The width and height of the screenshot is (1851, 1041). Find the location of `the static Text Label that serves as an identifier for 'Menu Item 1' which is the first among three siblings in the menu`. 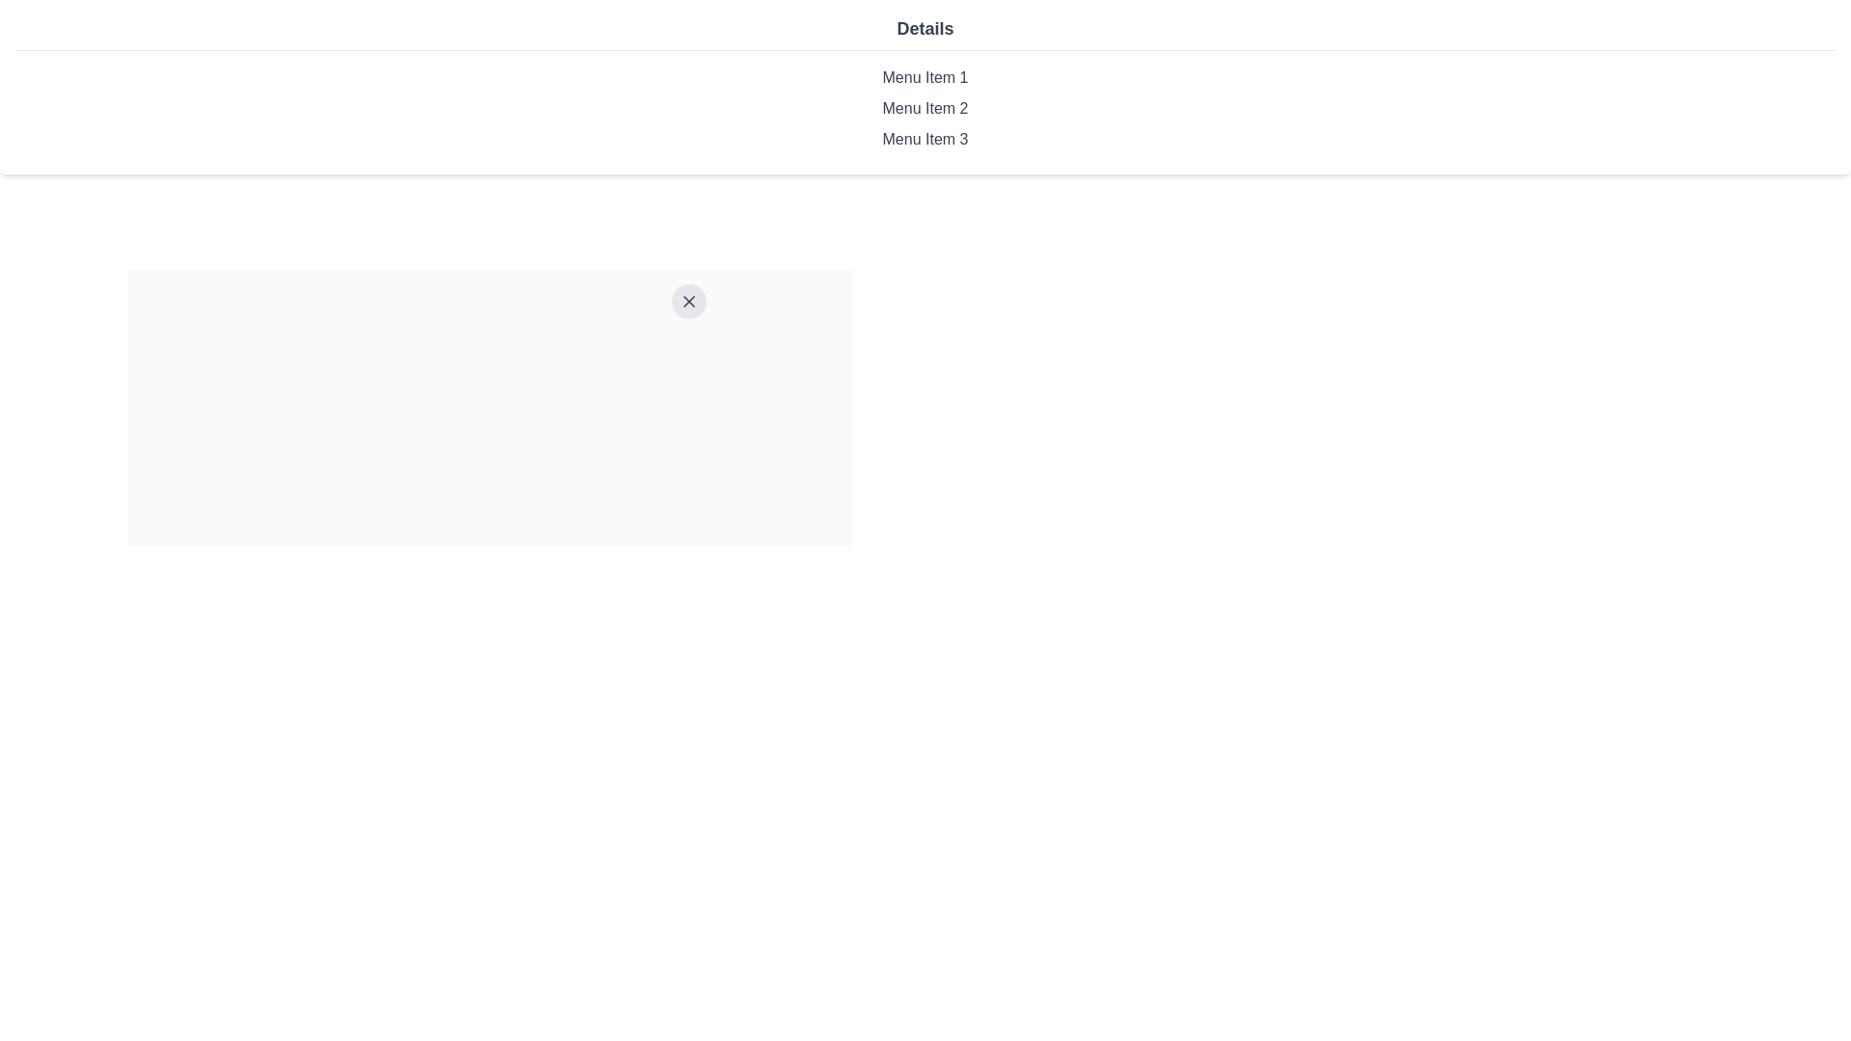

the static Text Label that serves as an identifier for 'Menu Item 1' which is the first among three siblings in the menu is located at coordinates (925, 77).